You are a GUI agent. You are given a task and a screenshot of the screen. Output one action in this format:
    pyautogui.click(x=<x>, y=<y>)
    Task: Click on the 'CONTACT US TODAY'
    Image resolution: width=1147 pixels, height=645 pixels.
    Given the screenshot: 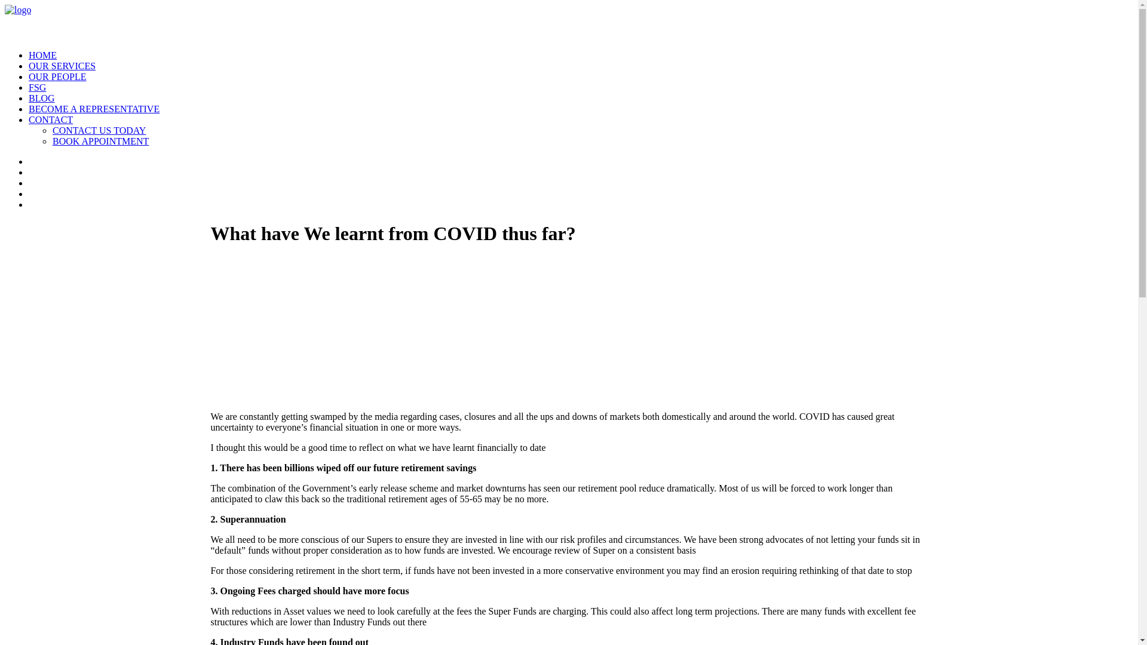 What is the action you would take?
    pyautogui.click(x=99, y=130)
    